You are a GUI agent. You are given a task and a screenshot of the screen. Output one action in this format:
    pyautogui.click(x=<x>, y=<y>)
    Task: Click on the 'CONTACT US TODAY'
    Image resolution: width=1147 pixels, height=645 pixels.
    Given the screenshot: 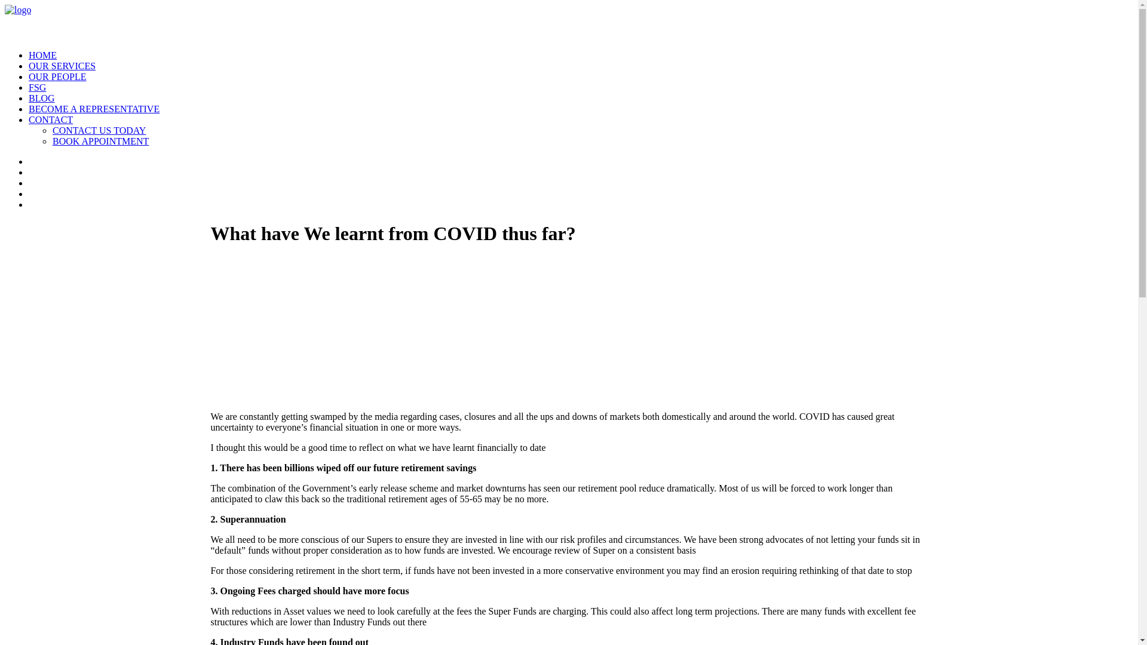 What is the action you would take?
    pyautogui.click(x=99, y=130)
    